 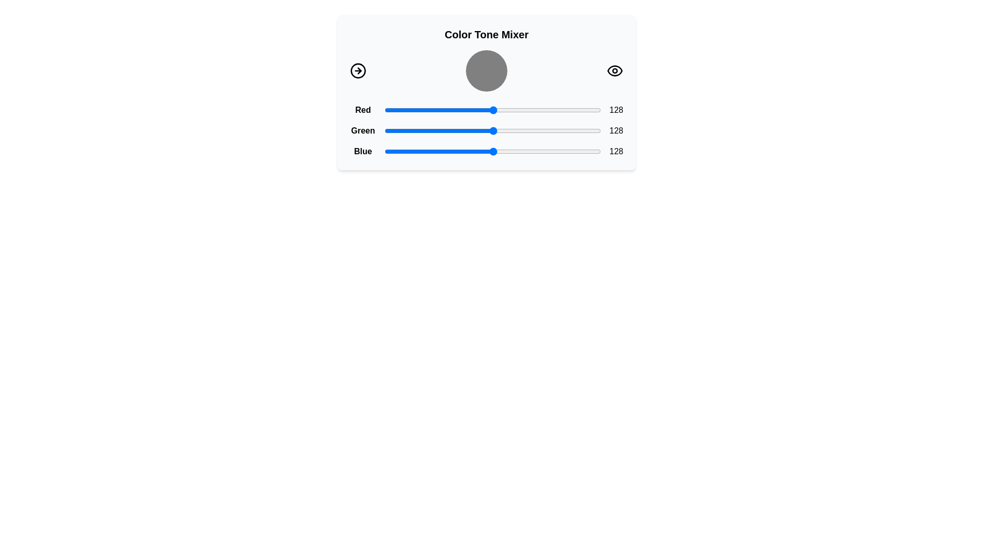 What do you see at coordinates (407, 152) in the screenshot?
I see `the slider value` at bounding box center [407, 152].